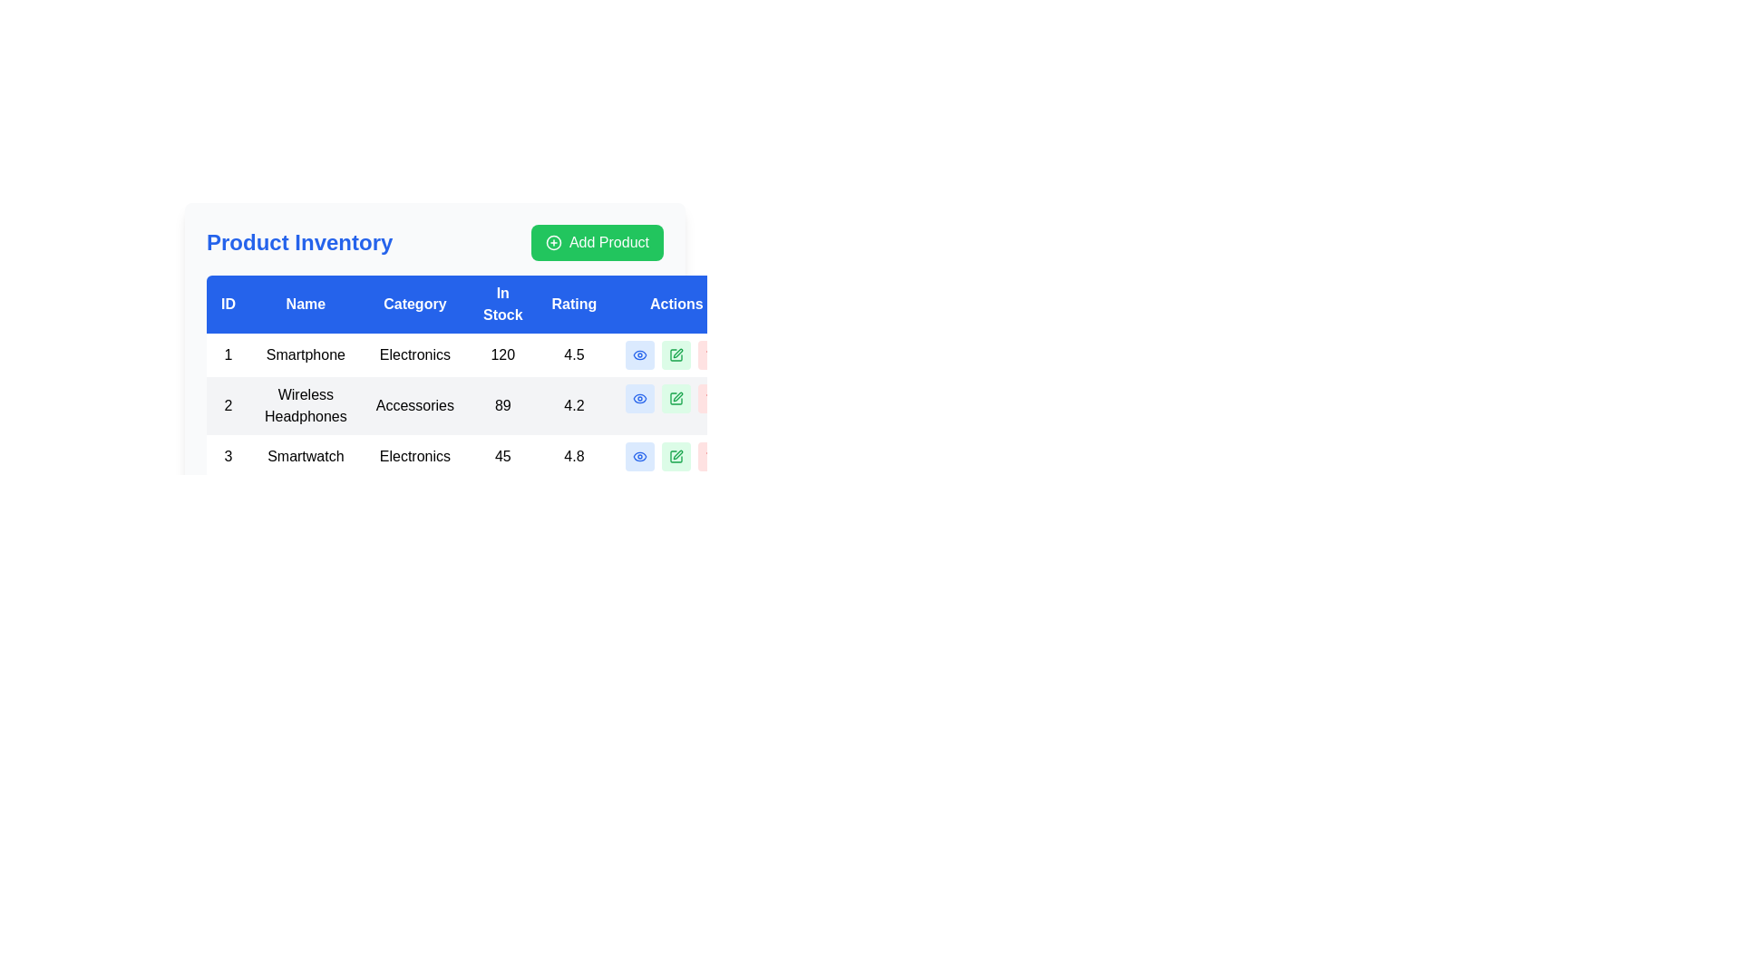 The width and height of the screenshot is (1741, 979). I want to click on the 'Wireless Headphones' text label in the second row of the product information table, which is aligned under the 'Name' column, so click(306, 404).